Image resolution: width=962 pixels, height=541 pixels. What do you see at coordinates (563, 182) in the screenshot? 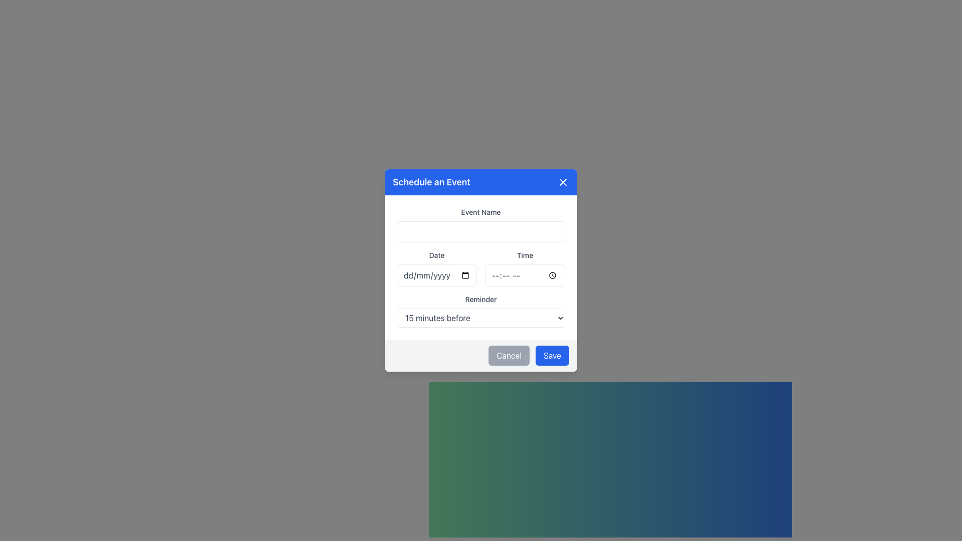
I see `the close button (X) located in the top-right corner of the modal's blue header, adjacent to the text 'Schedule an Event'` at bounding box center [563, 182].